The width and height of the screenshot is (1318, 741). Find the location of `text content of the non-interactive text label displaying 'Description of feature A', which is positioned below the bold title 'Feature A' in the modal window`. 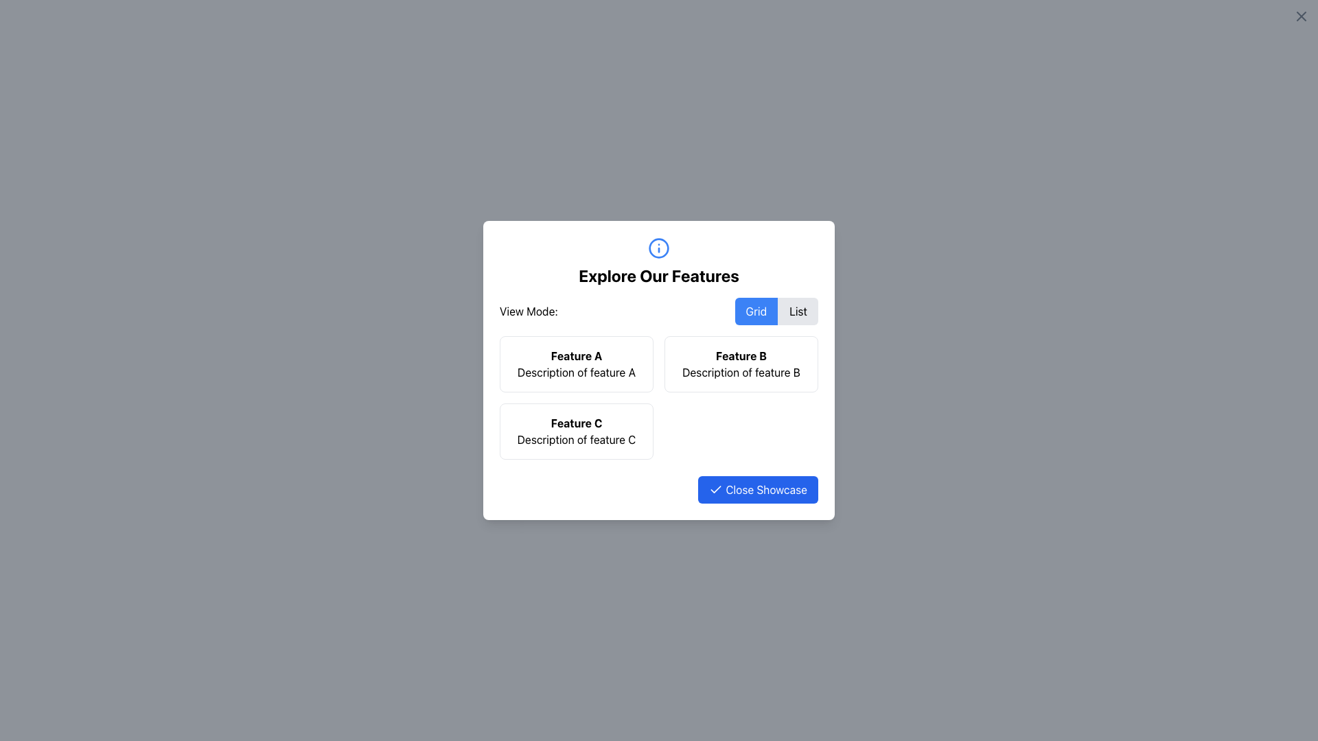

text content of the non-interactive text label displaying 'Description of feature A', which is positioned below the bold title 'Feature A' in the modal window is located at coordinates (577, 373).